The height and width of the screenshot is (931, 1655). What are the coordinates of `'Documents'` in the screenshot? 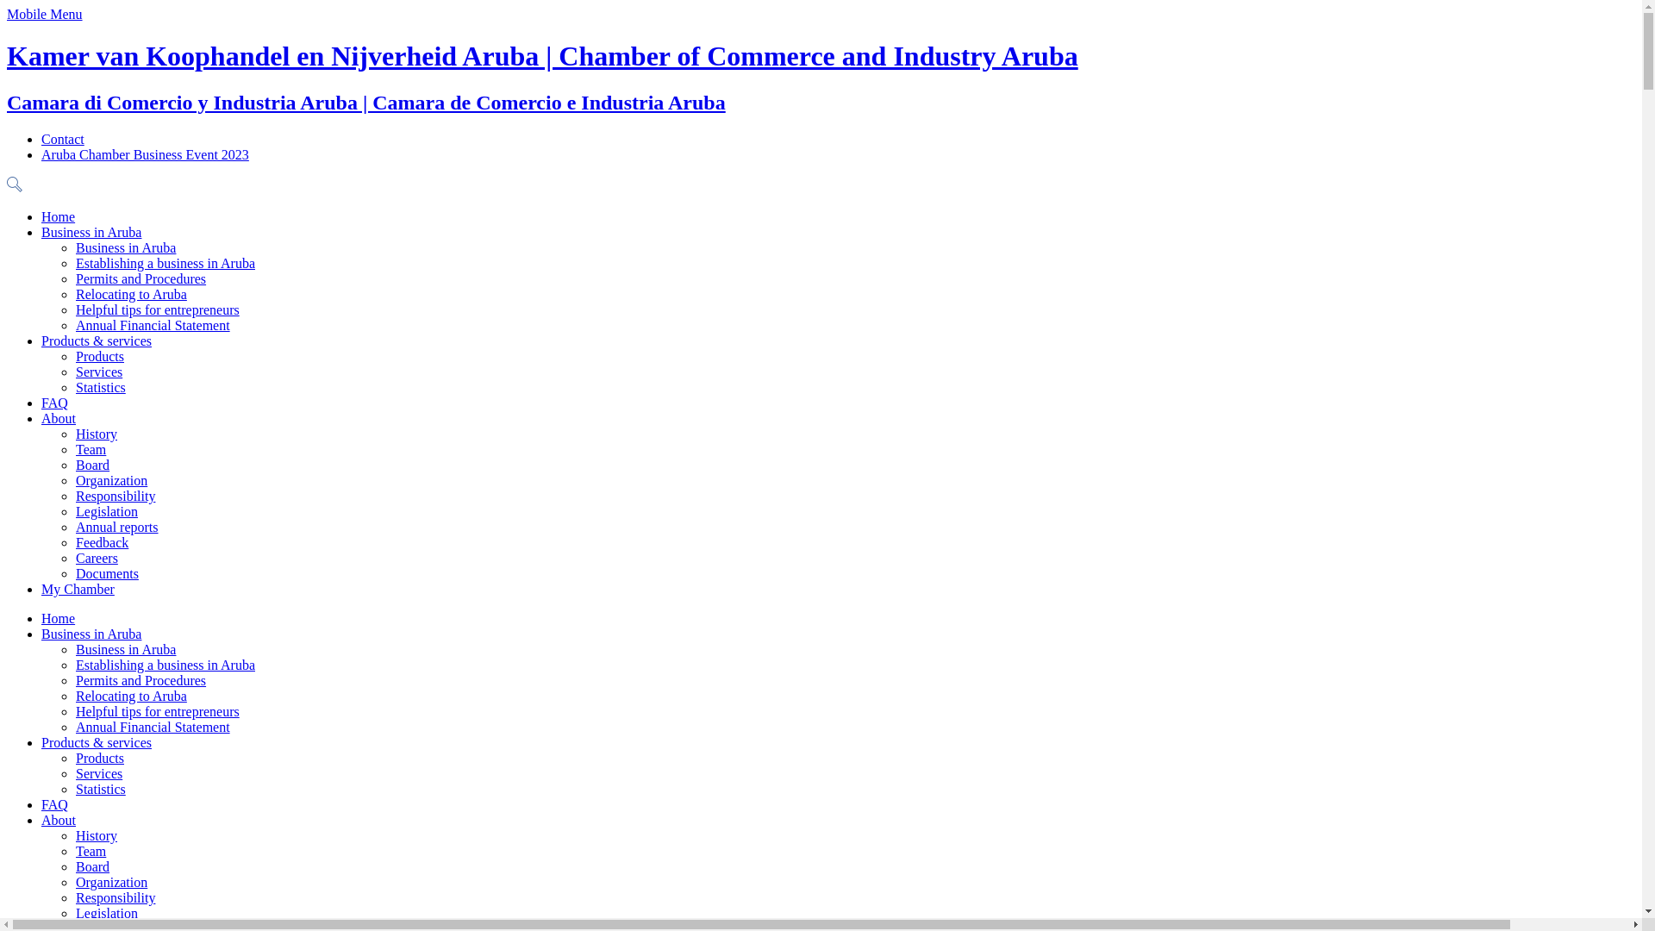 It's located at (106, 573).